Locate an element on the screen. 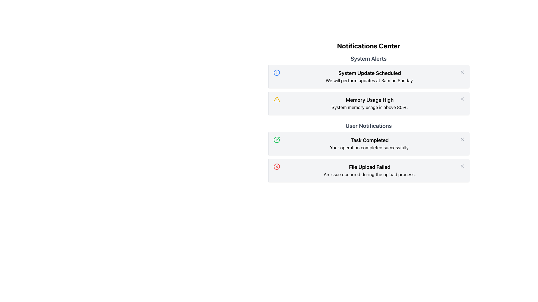 Image resolution: width=538 pixels, height=302 pixels. the 'Close' button on the 'Task Completed' notification is located at coordinates (462, 139).